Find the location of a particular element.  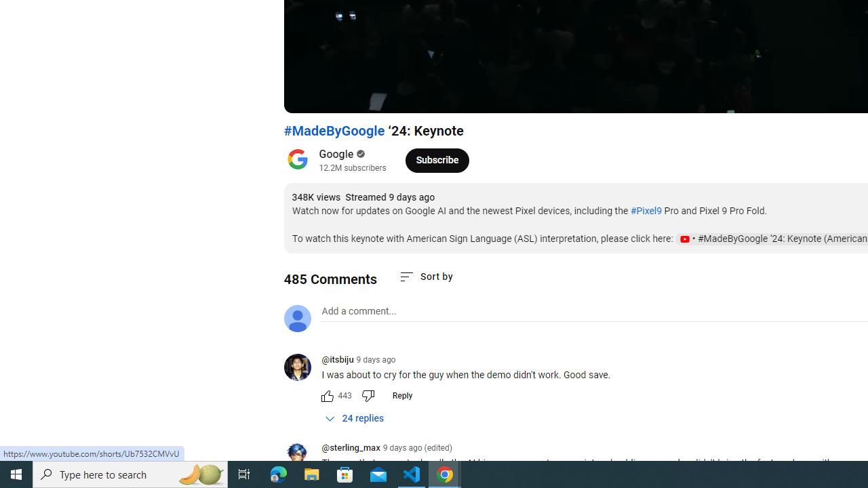

'Sort comments' is located at coordinates (425, 276).